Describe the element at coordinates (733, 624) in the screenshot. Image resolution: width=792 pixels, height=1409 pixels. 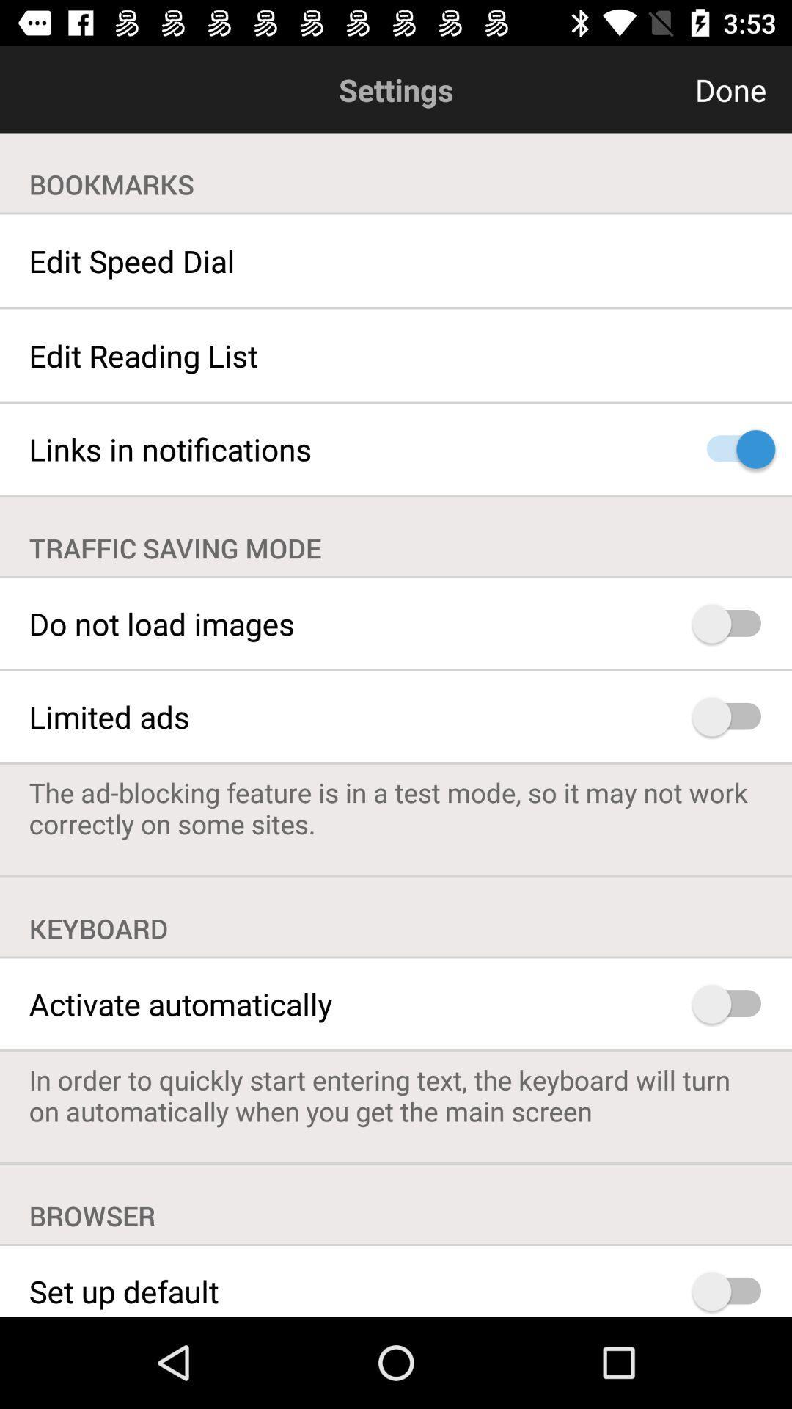
I see `a switch for turning on or off the phone 's ability to download images` at that location.